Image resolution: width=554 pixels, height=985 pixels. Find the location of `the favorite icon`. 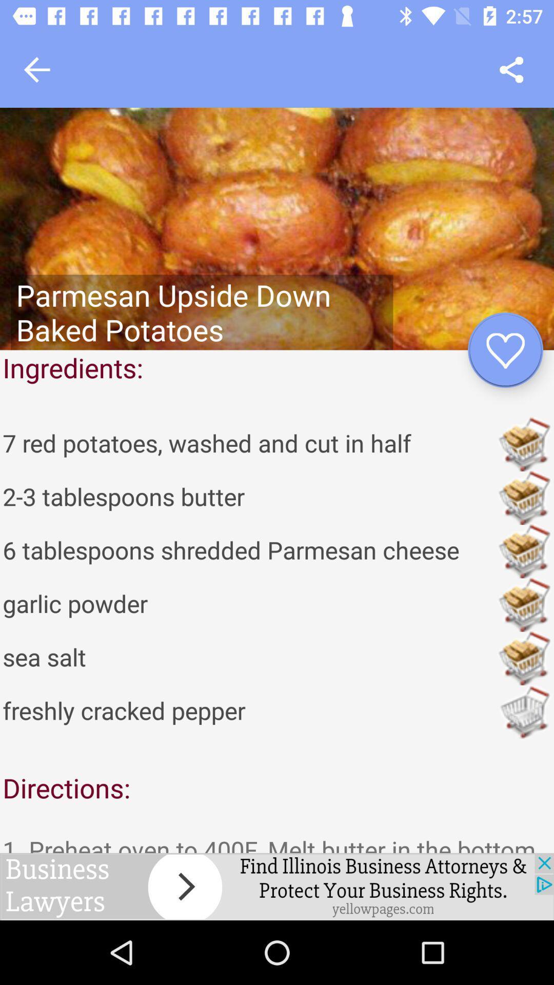

the favorite icon is located at coordinates (505, 350).